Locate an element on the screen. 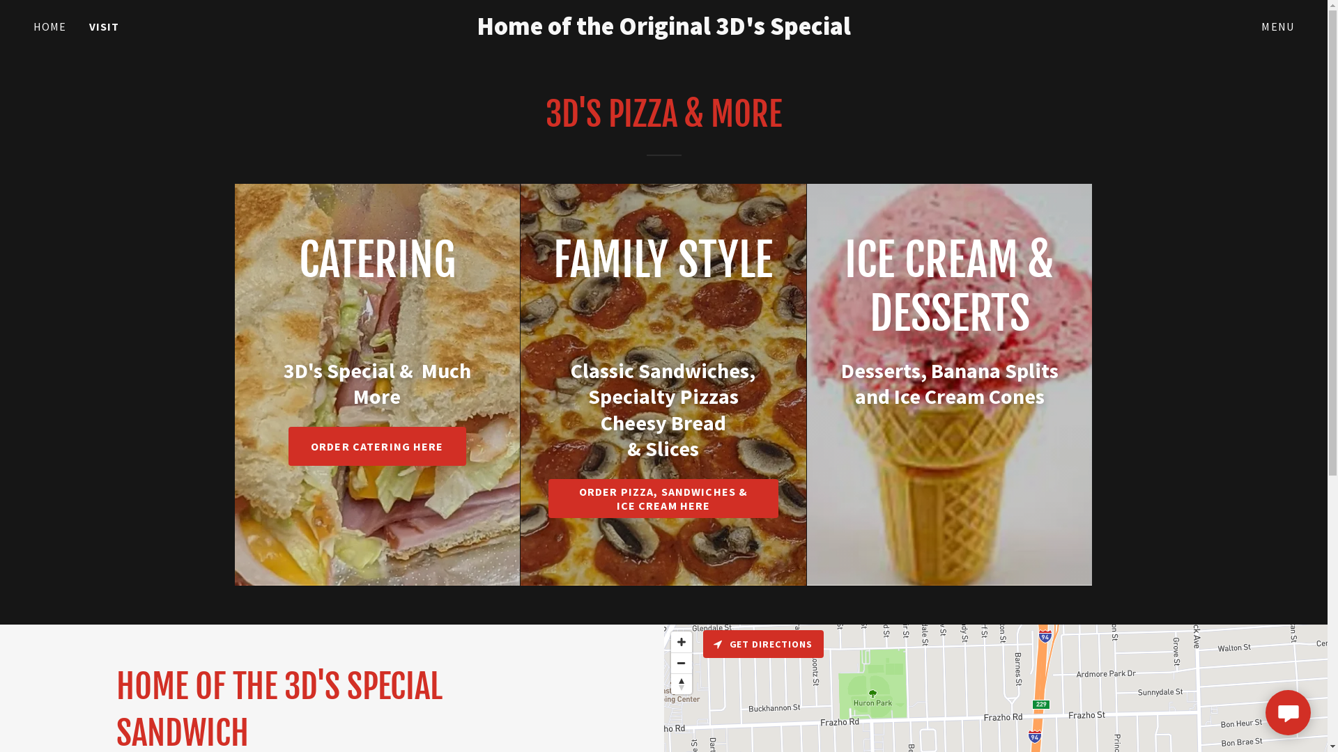 The image size is (1338, 752). 'VISIT' is located at coordinates (103, 26).